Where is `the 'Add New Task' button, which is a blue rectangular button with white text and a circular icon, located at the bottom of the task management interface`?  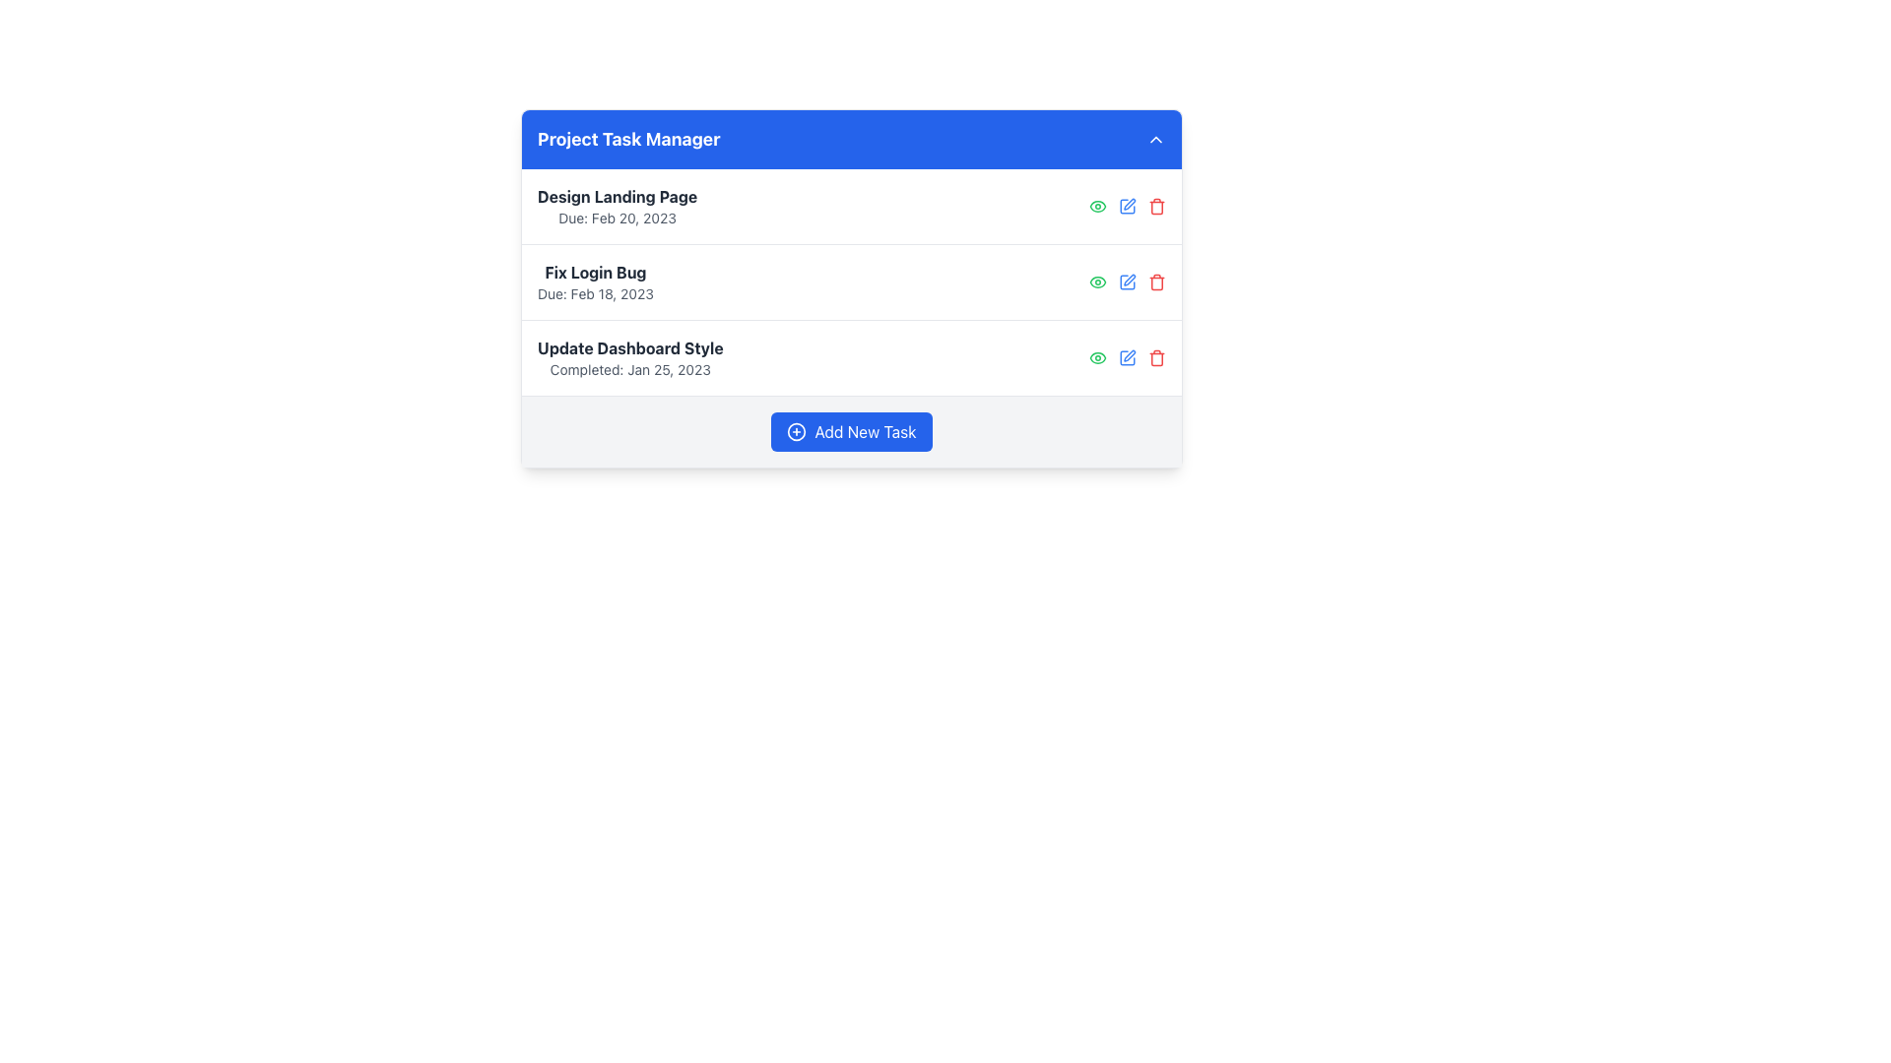 the 'Add New Task' button, which is a blue rectangular button with white text and a circular icon, located at the bottom of the task management interface is located at coordinates (851, 430).